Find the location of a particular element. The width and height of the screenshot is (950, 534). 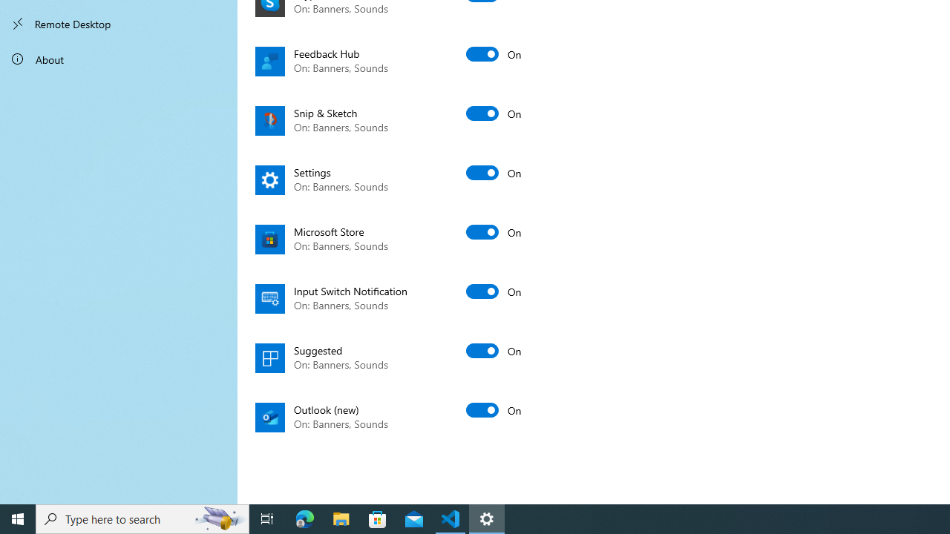

'Visual Studio Code - 1 running window' is located at coordinates (450, 518).